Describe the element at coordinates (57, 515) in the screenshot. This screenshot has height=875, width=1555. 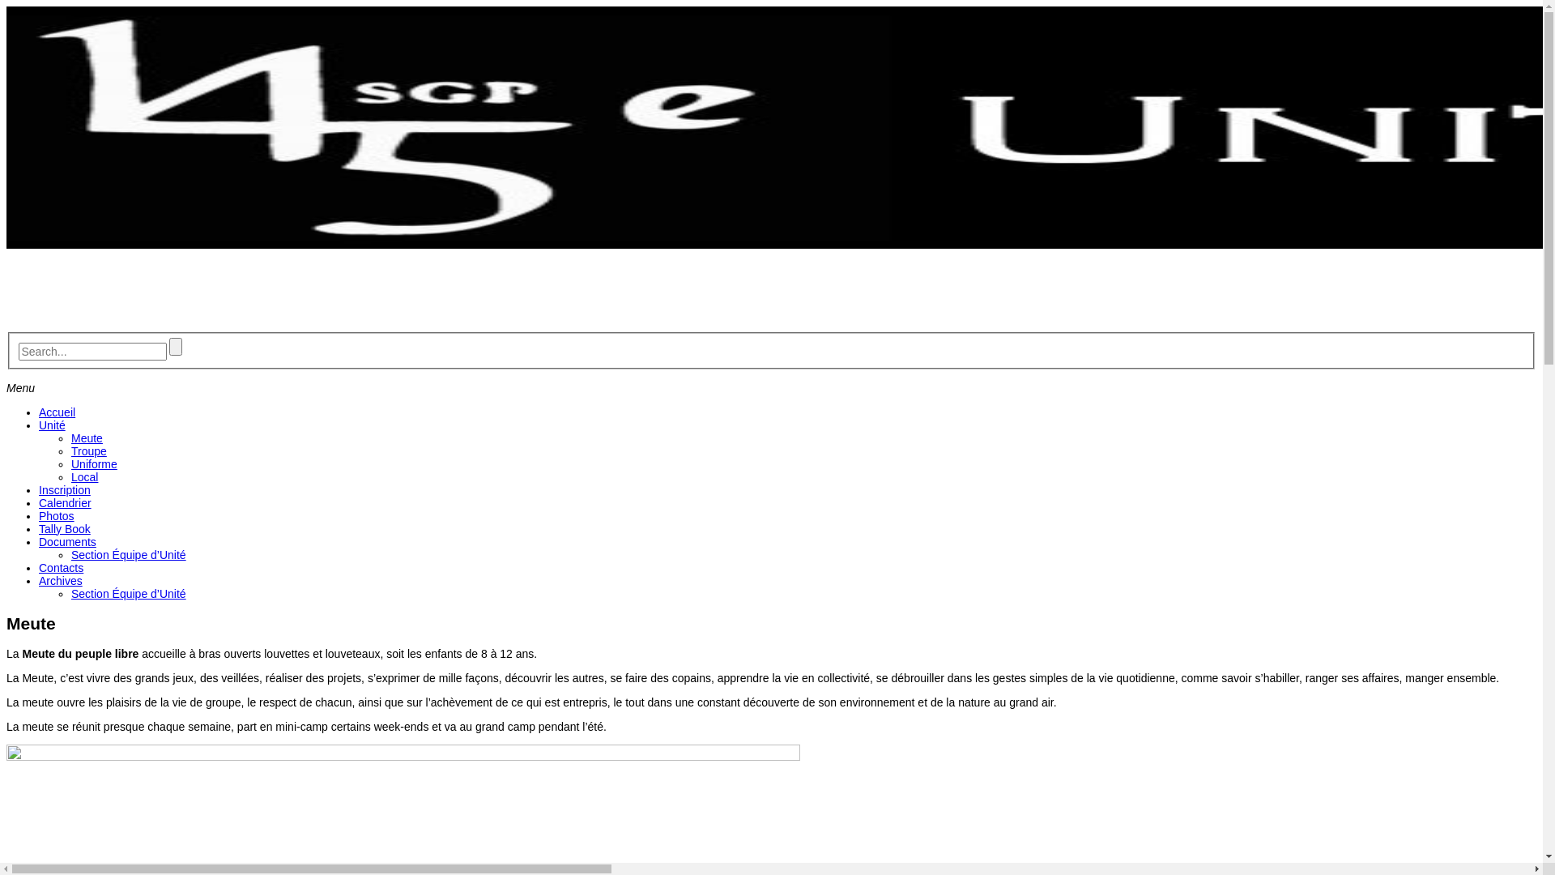
I see `'Photos'` at that location.